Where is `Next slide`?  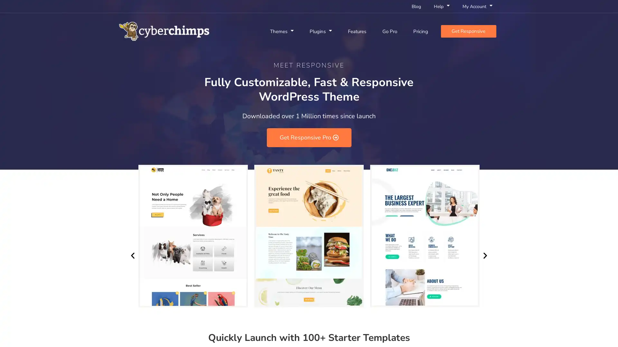 Next slide is located at coordinates (485, 255).